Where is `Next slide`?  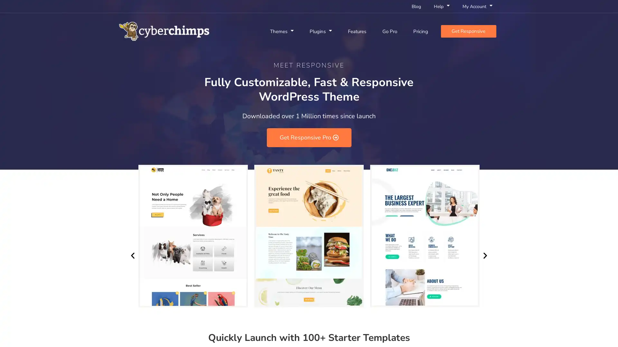 Next slide is located at coordinates (485, 255).